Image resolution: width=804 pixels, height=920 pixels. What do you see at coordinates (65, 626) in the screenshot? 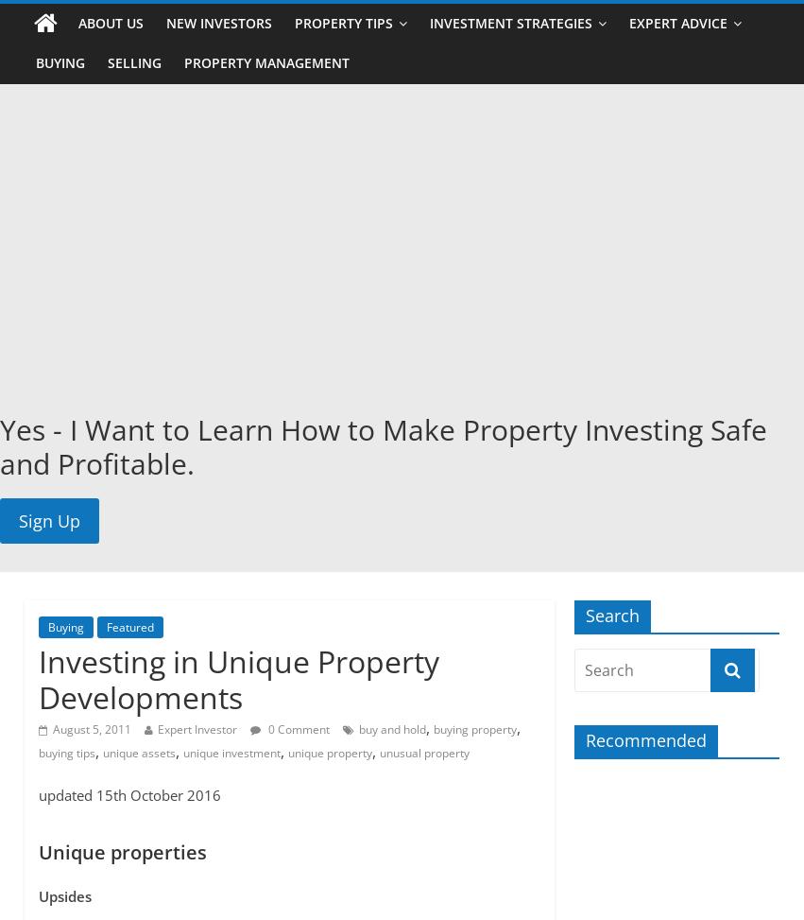
I see `'Buying'` at bounding box center [65, 626].